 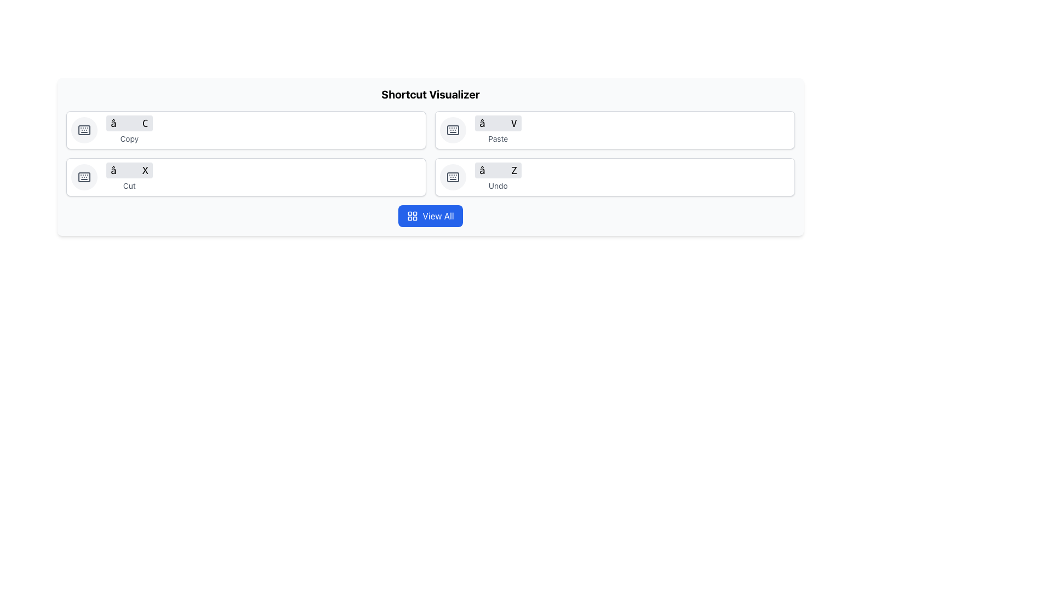 I want to click on the shortcut details displayed in the Shortcut Display Component which shows the key combination (⌘ Z) for the Undo action, located in the bottom-right corner of the group of similar keyboard shortcut visuals, so click(x=498, y=177).